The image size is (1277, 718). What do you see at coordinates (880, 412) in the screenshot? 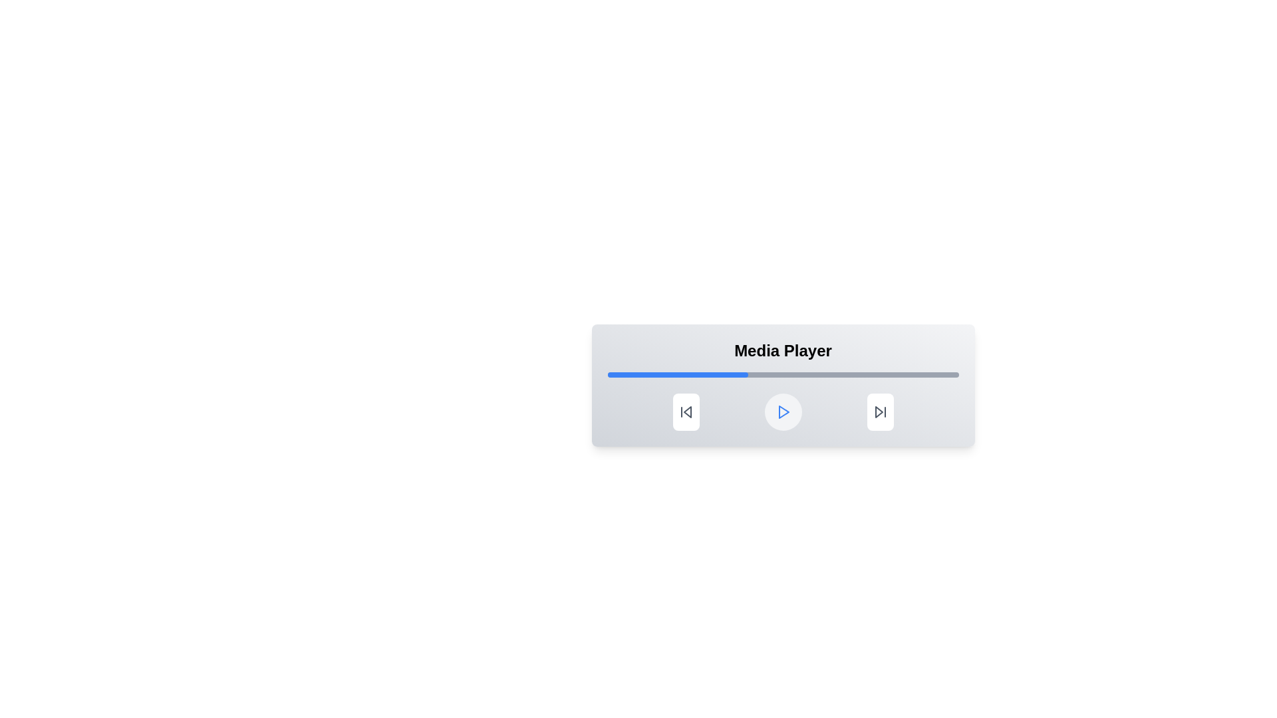
I see `the third button from the right in the media player footer section to skip forward in media playback` at bounding box center [880, 412].